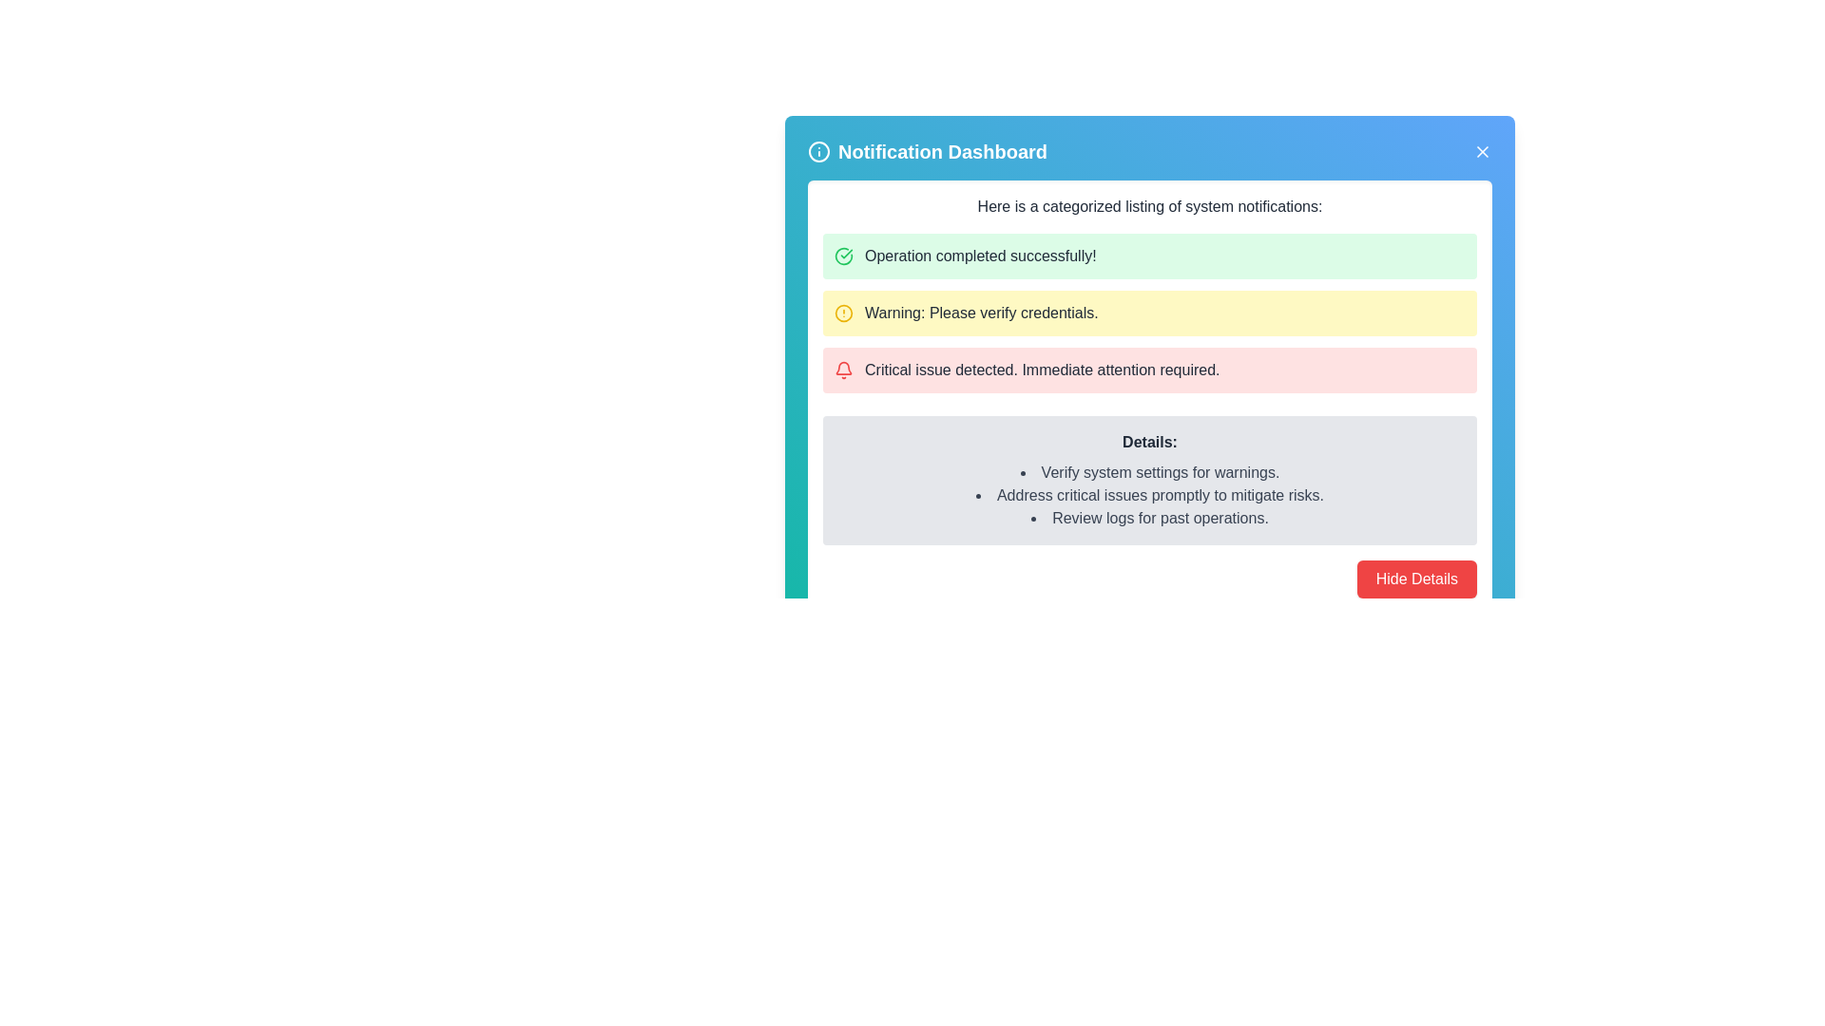 This screenshot has height=1026, width=1825. Describe the element at coordinates (1148, 395) in the screenshot. I see `the notification panel, which is centrally located below the 'Notification Dashboard' title and navigation bar, displaying system notifications with varying levels of severity` at that location.